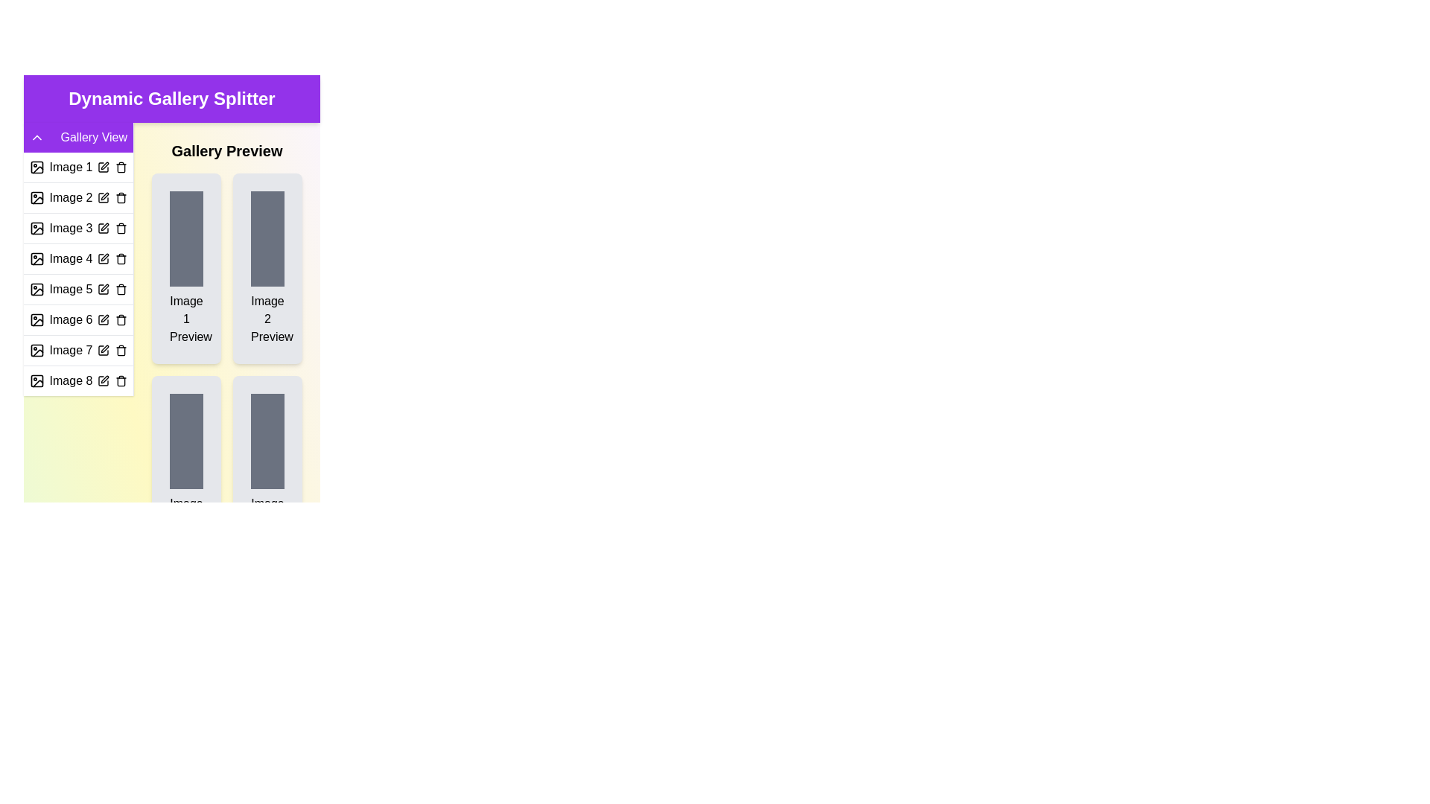 This screenshot has width=1430, height=804. Describe the element at coordinates (111, 167) in the screenshot. I see `the edit icon in the Group of action buttons located at the far right of the 'Image 1' row in the 'Gallery View' section` at that location.